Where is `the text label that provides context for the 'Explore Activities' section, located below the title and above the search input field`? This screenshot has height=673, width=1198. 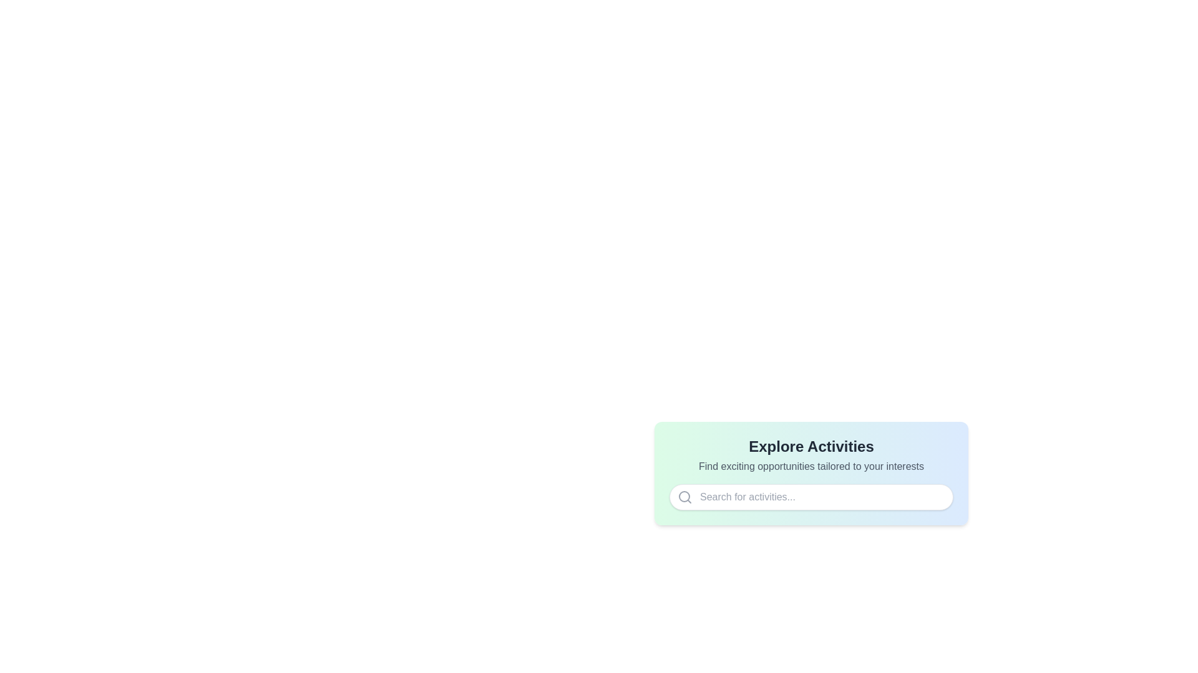
the text label that provides context for the 'Explore Activities' section, located below the title and above the search input field is located at coordinates (811, 466).